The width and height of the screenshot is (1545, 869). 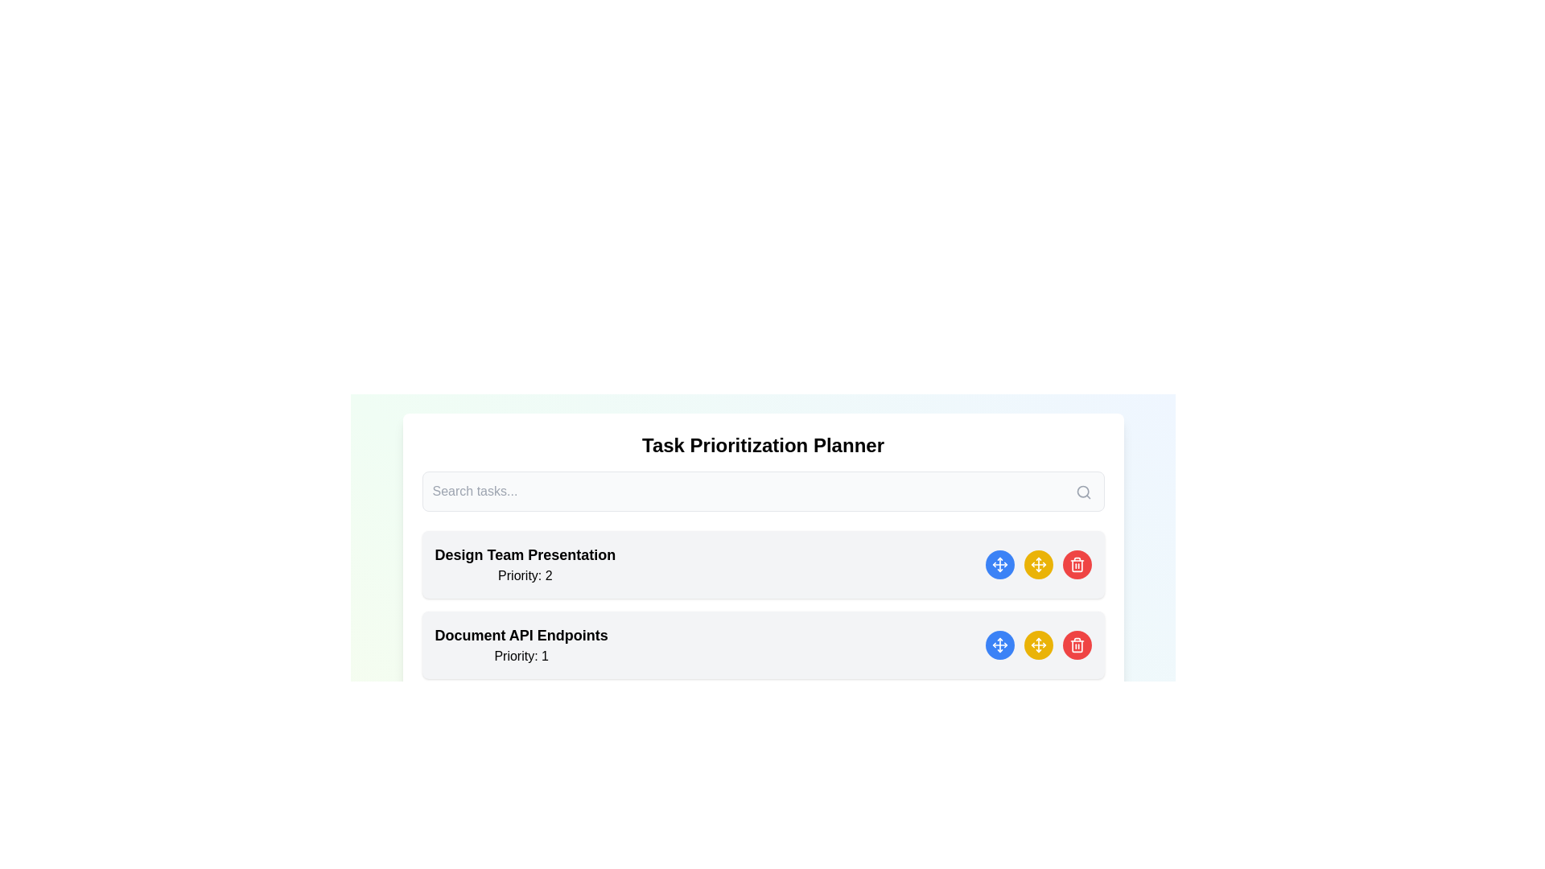 I want to click on the yellow circular button with a four-directional arrow icon, positioned between the blue move button and the red delete button in the action group of the 'Design Team Presentation' task list, so click(x=1038, y=564).